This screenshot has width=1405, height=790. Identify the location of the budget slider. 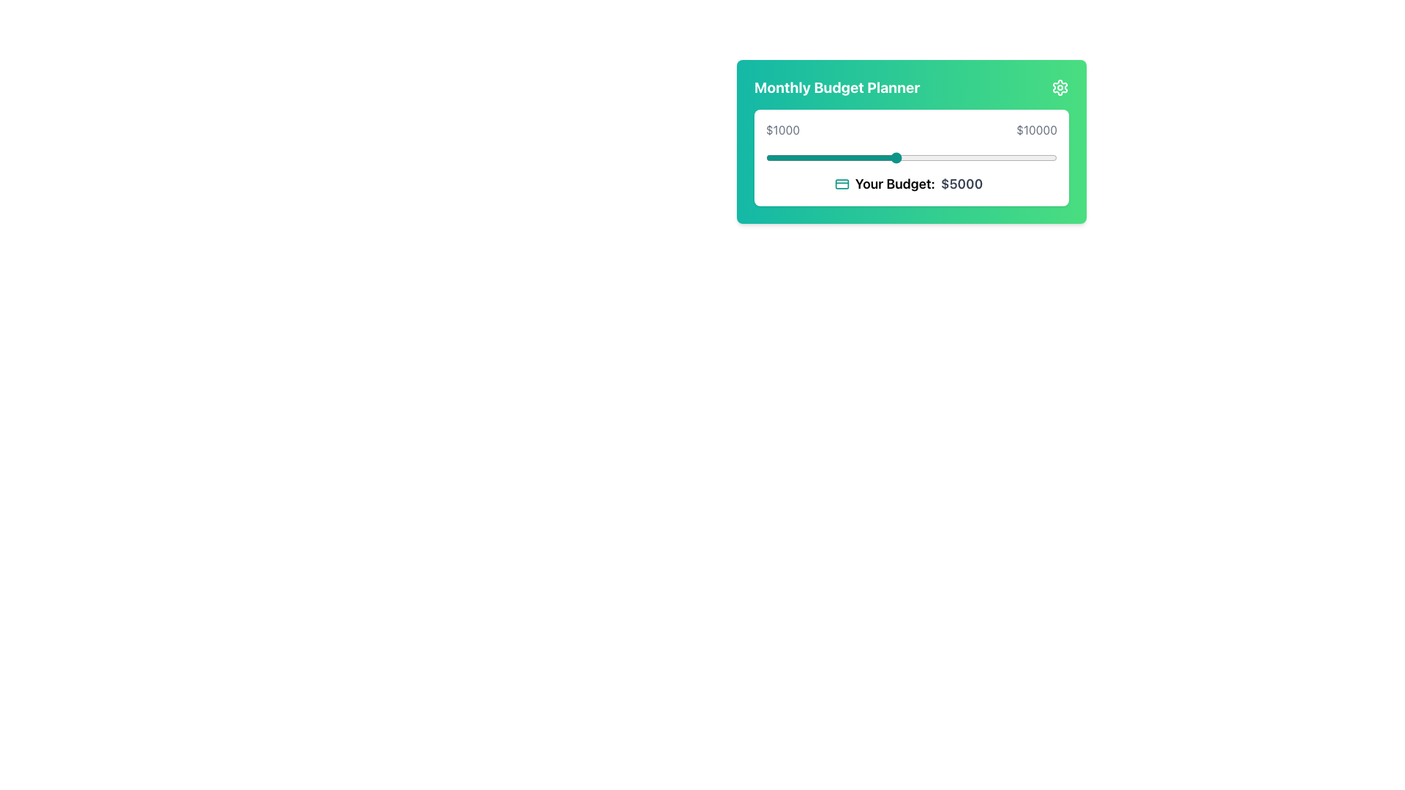
(933, 158).